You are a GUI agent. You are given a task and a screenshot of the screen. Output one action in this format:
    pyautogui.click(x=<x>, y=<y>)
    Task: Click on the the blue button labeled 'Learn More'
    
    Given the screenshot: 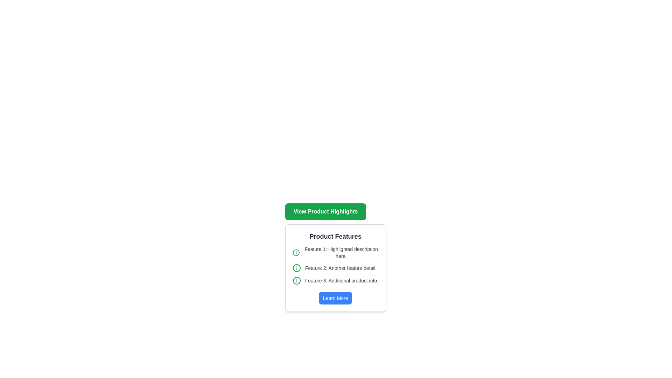 What is the action you would take?
    pyautogui.click(x=335, y=298)
    